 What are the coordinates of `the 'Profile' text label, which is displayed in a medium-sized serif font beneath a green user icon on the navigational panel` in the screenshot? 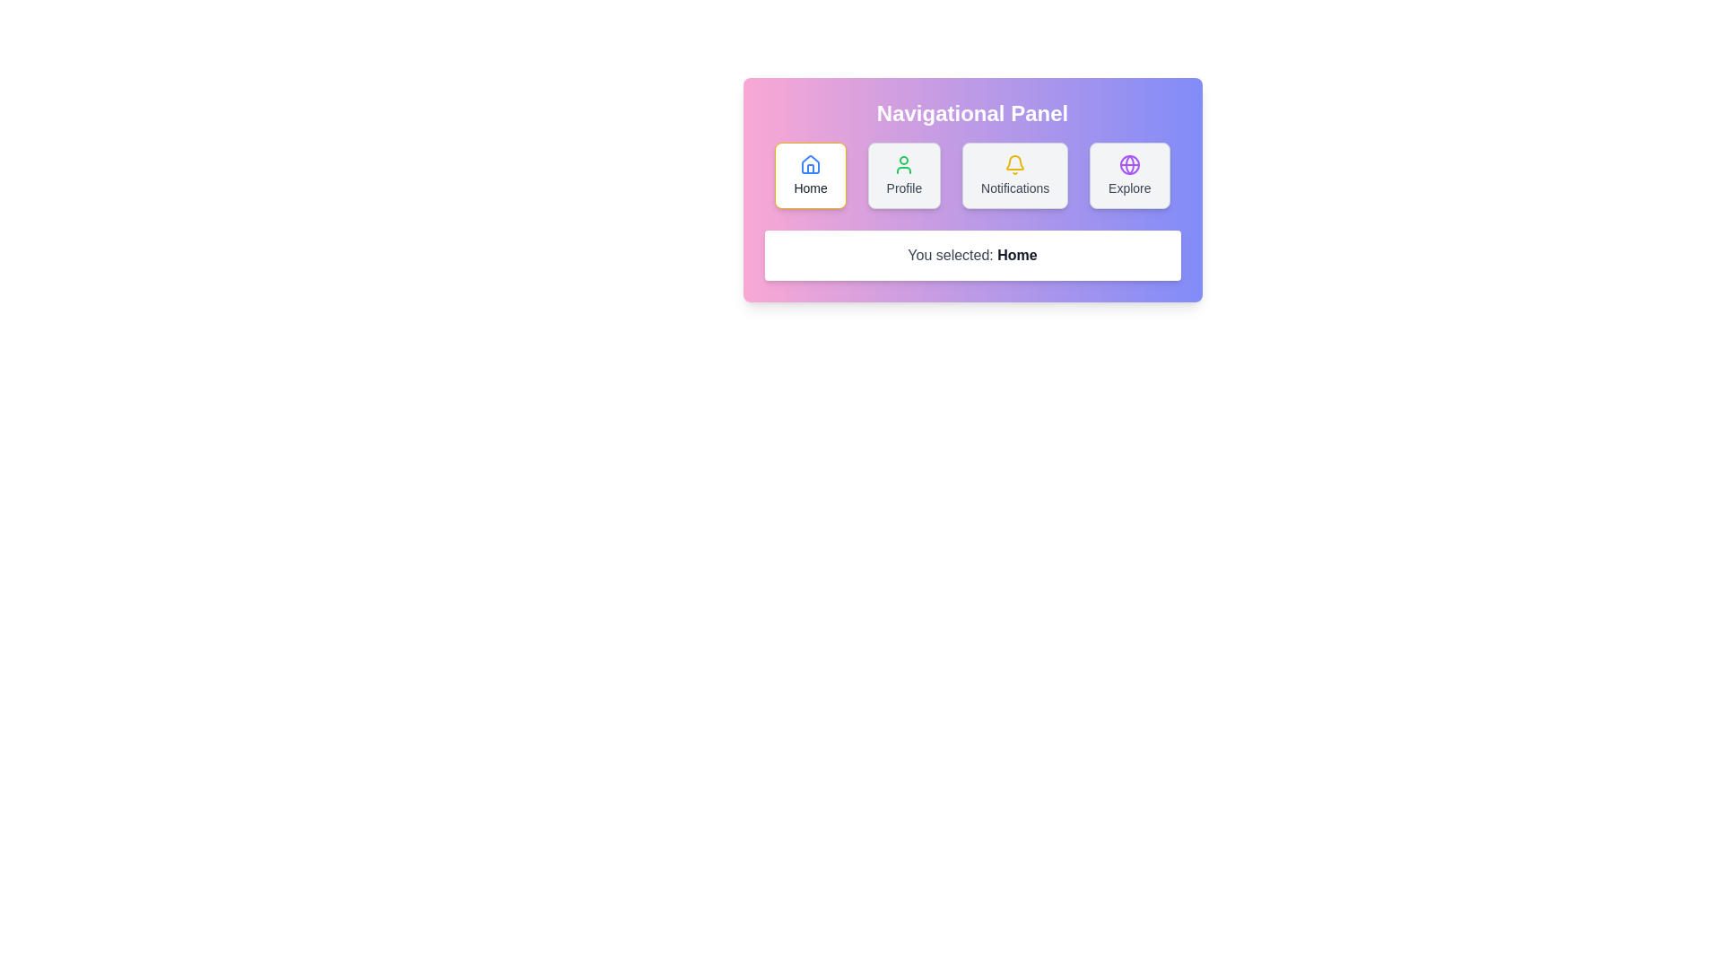 It's located at (904, 188).